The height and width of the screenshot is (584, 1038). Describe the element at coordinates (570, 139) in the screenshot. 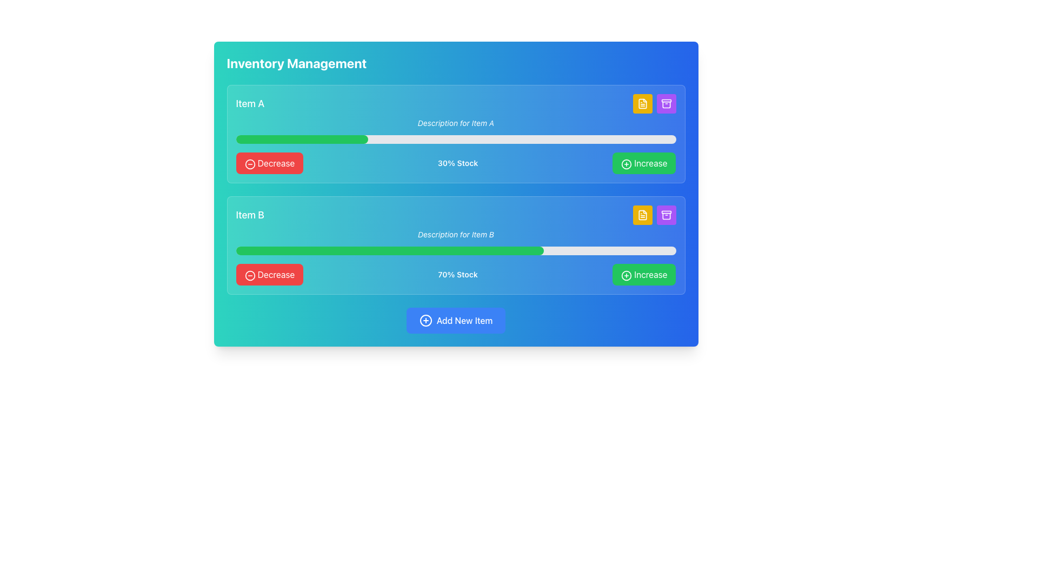

I see `the stock level` at that location.